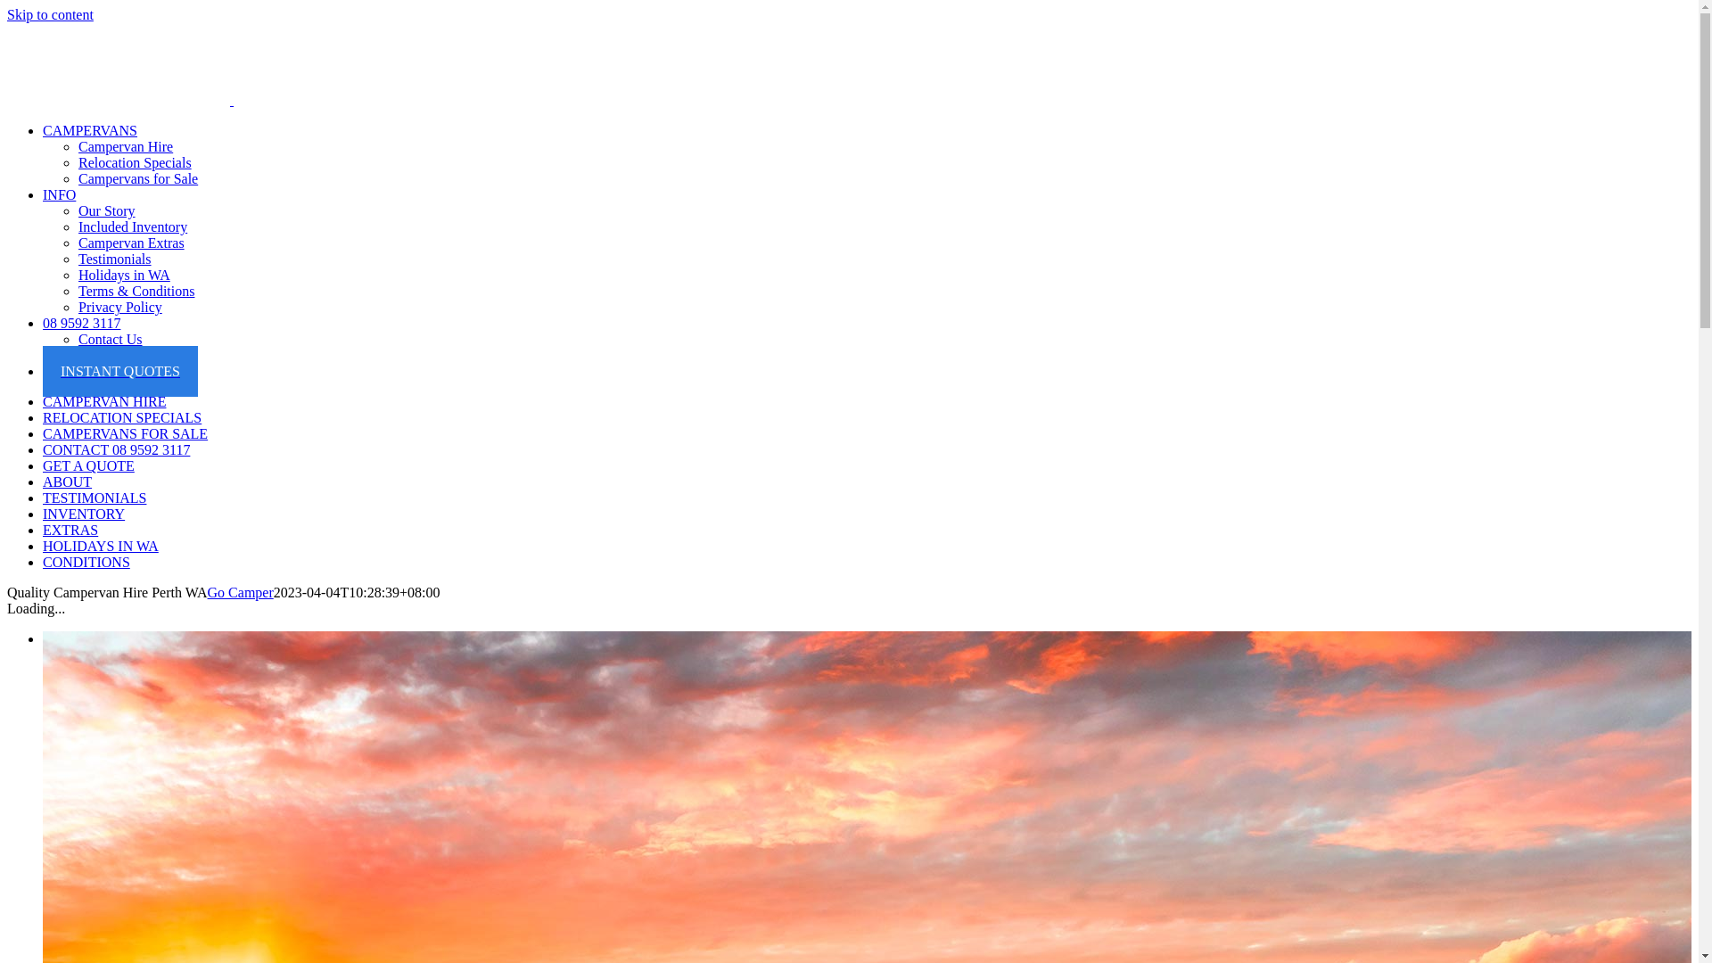 The image size is (1712, 963). What do you see at coordinates (43, 481) in the screenshot?
I see `'ABOUT'` at bounding box center [43, 481].